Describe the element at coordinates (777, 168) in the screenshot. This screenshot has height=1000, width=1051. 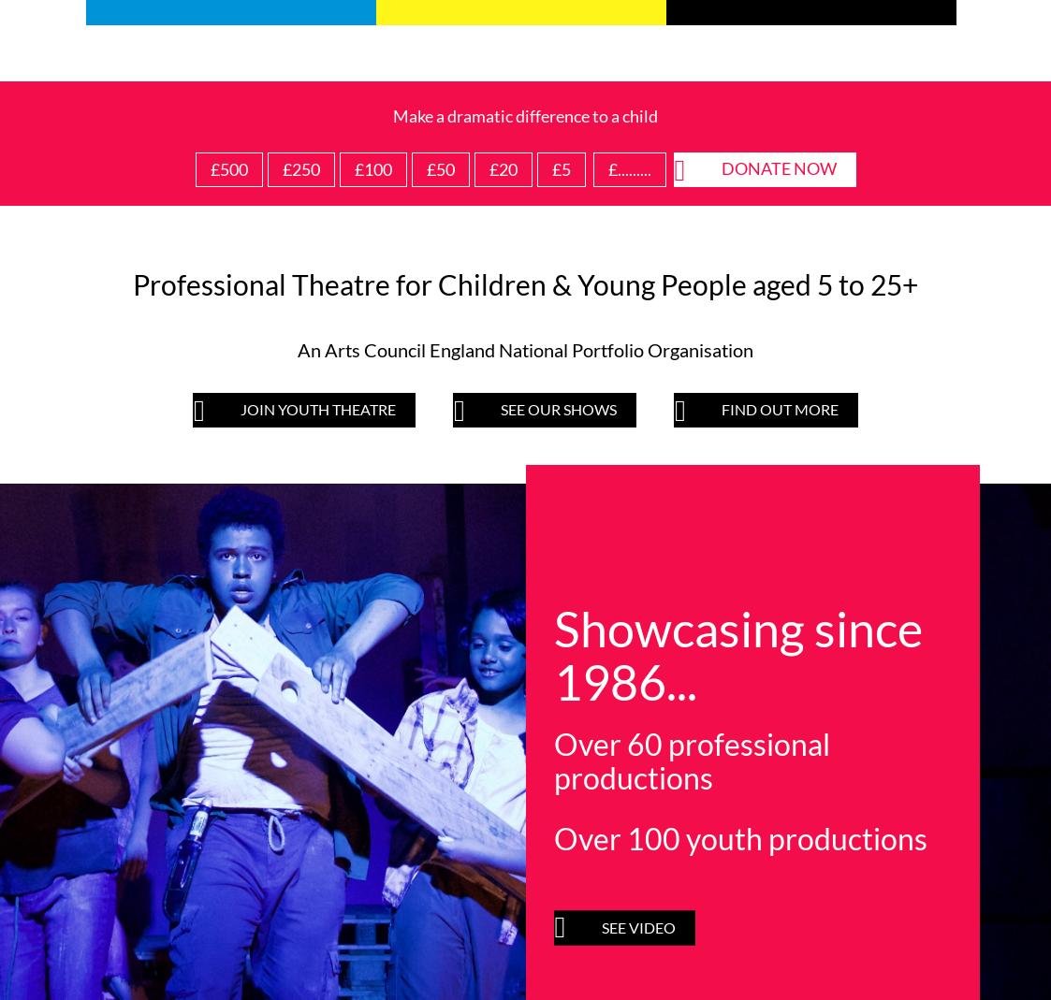
I see `'Donate now'` at that location.